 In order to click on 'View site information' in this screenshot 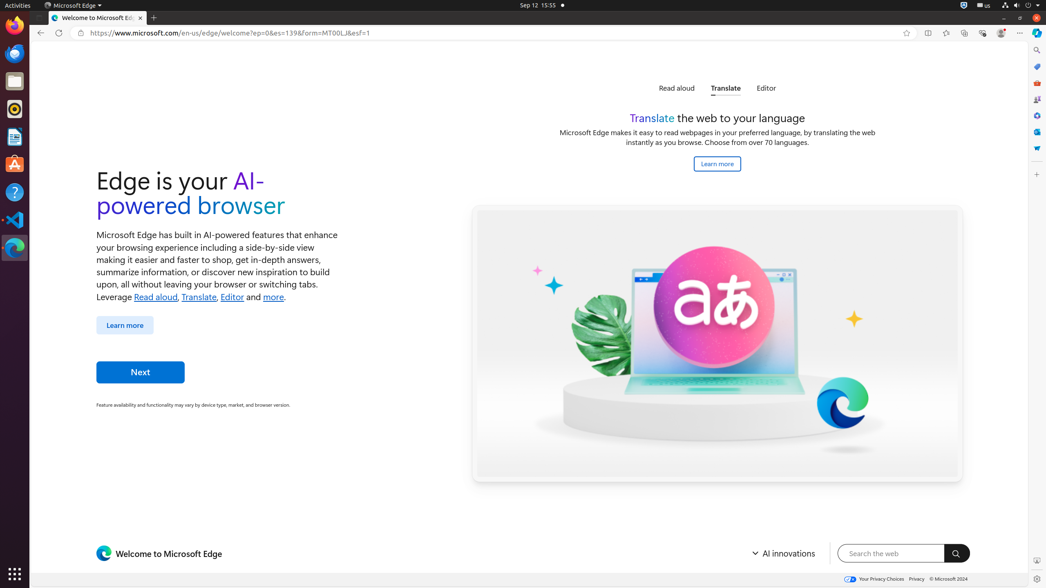, I will do `click(80, 33)`.